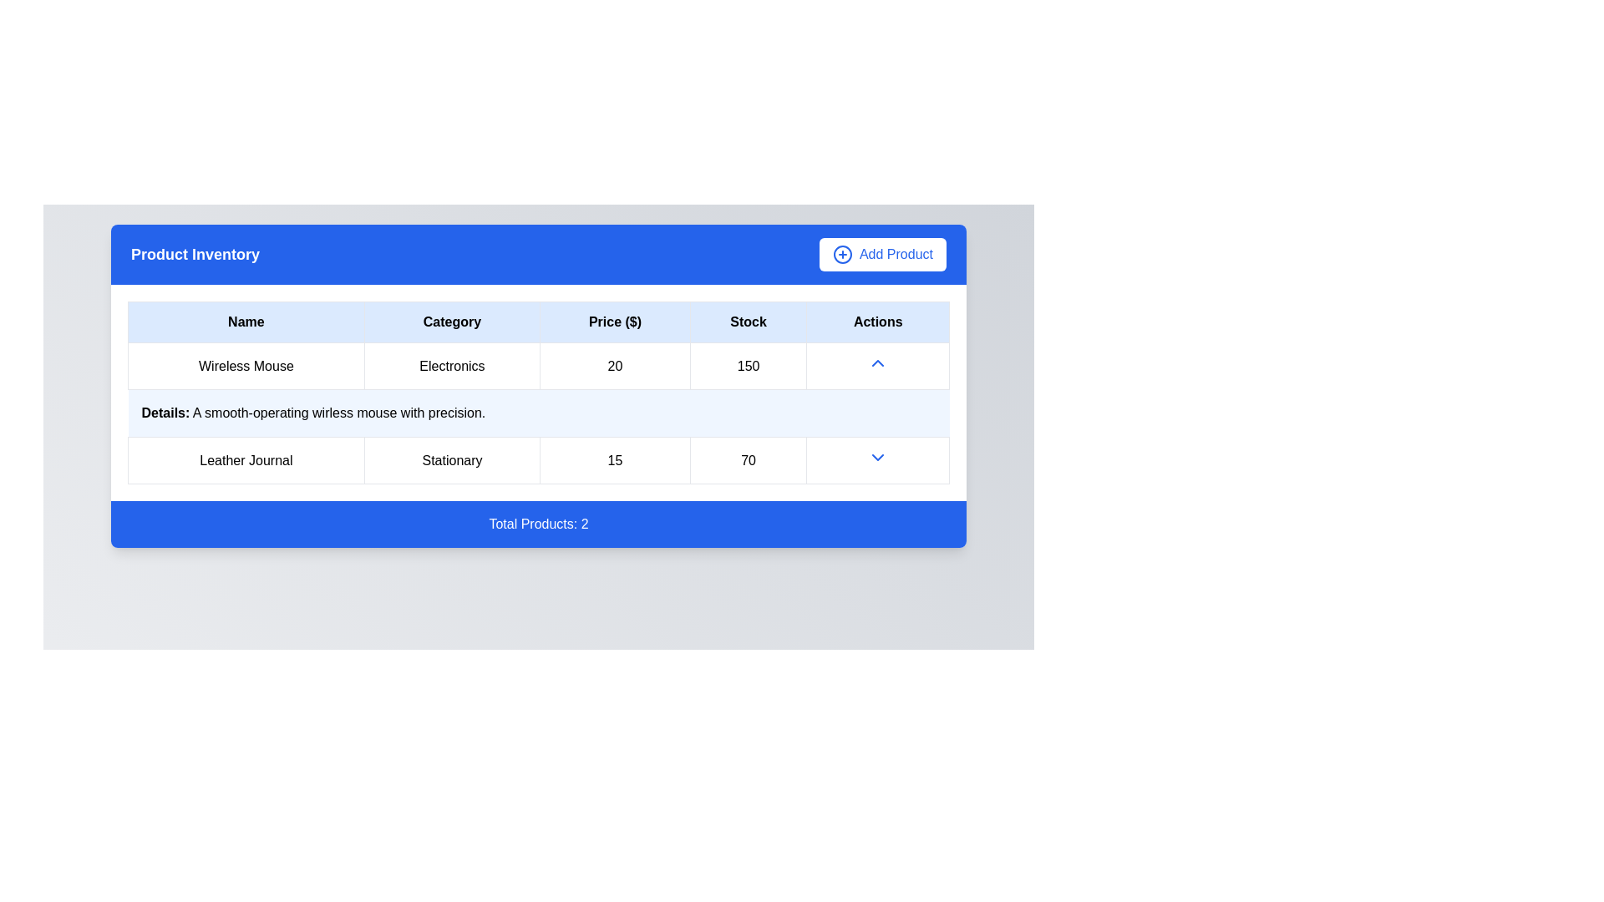 The height and width of the screenshot is (902, 1604). What do you see at coordinates (538, 322) in the screenshot?
I see `the Table Header Row under the 'Product Inventory' section` at bounding box center [538, 322].